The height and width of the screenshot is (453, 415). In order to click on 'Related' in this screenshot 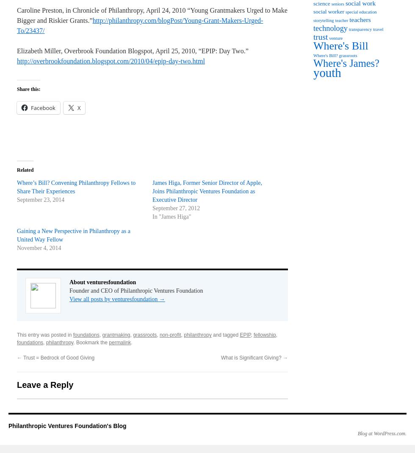, I will do `click(25, 170)`.